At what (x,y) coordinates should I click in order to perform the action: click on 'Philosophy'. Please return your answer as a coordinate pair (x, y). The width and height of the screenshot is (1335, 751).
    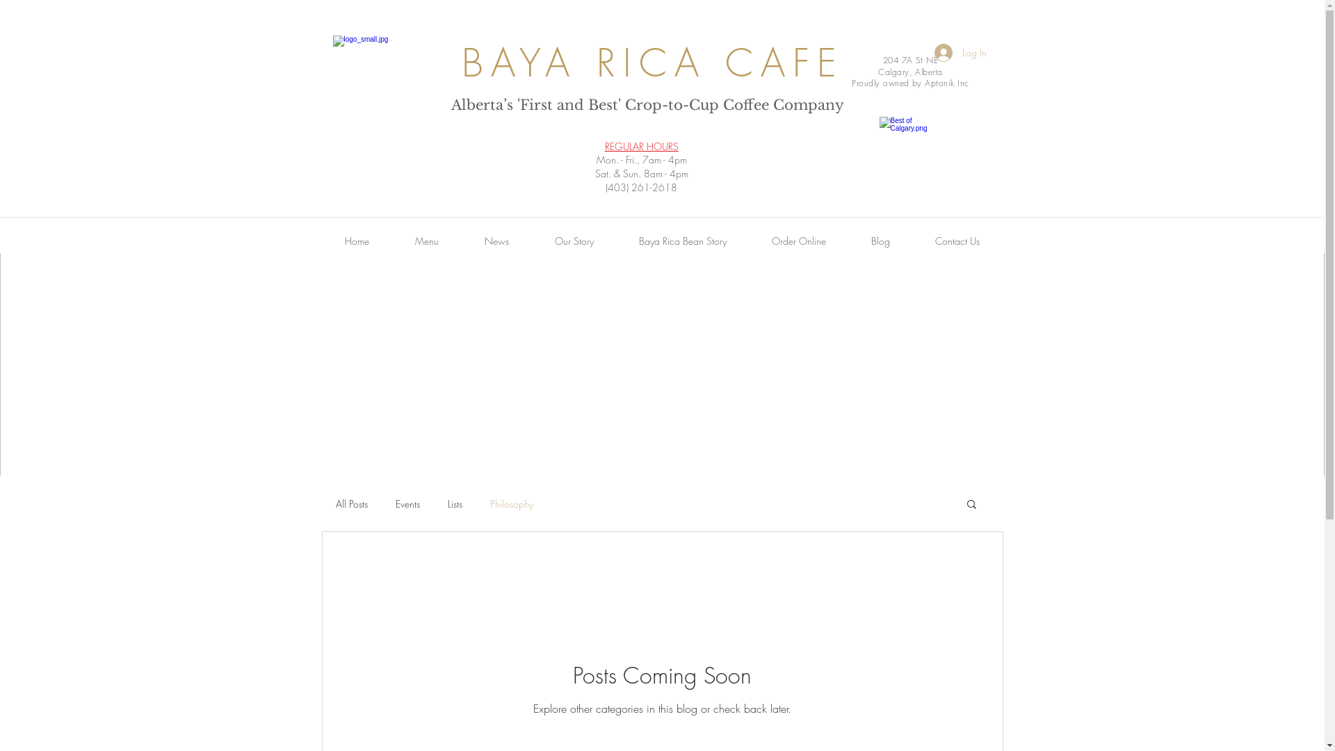
    Looking at the image, I should click on (489, 503).